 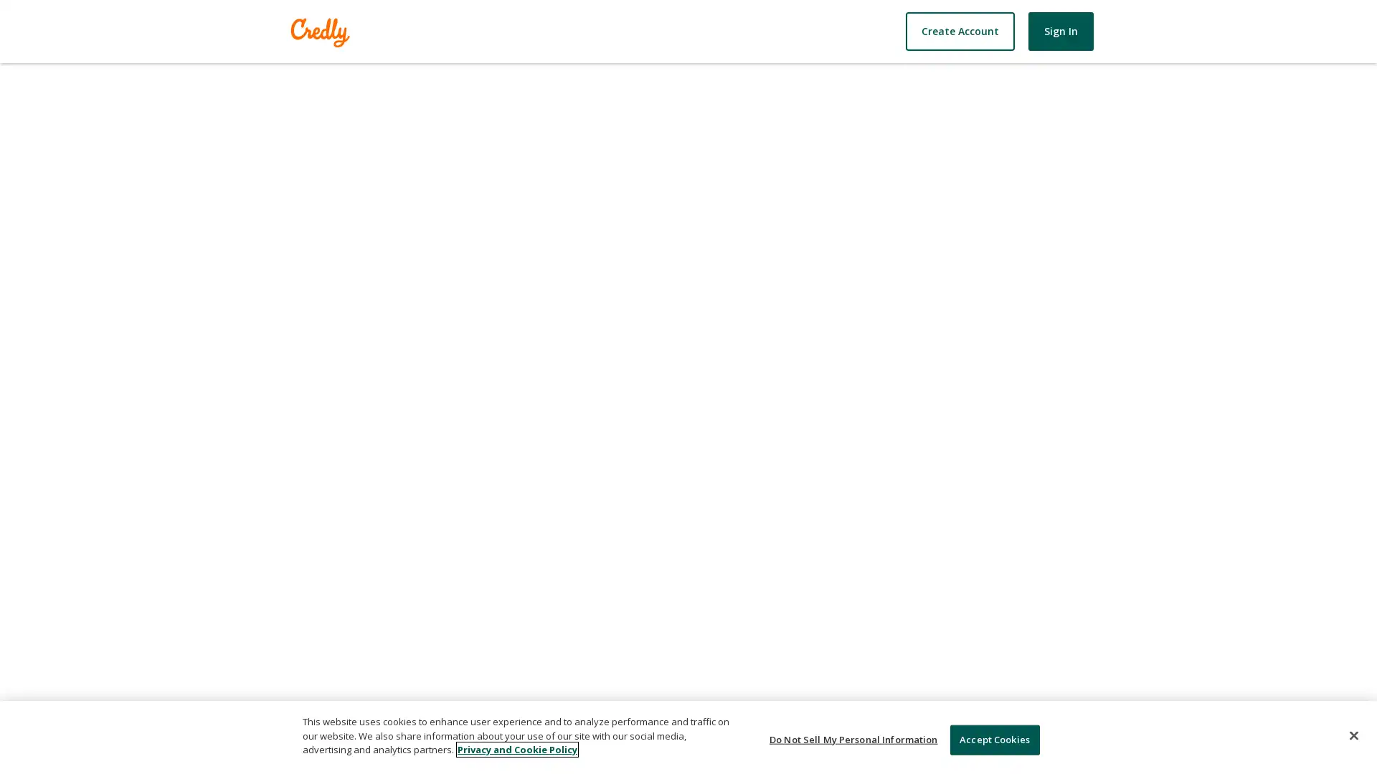 What do you see at coordinates (1353, 735) in the screenshot?
I see `Close` at bounding box center [1353, 735].